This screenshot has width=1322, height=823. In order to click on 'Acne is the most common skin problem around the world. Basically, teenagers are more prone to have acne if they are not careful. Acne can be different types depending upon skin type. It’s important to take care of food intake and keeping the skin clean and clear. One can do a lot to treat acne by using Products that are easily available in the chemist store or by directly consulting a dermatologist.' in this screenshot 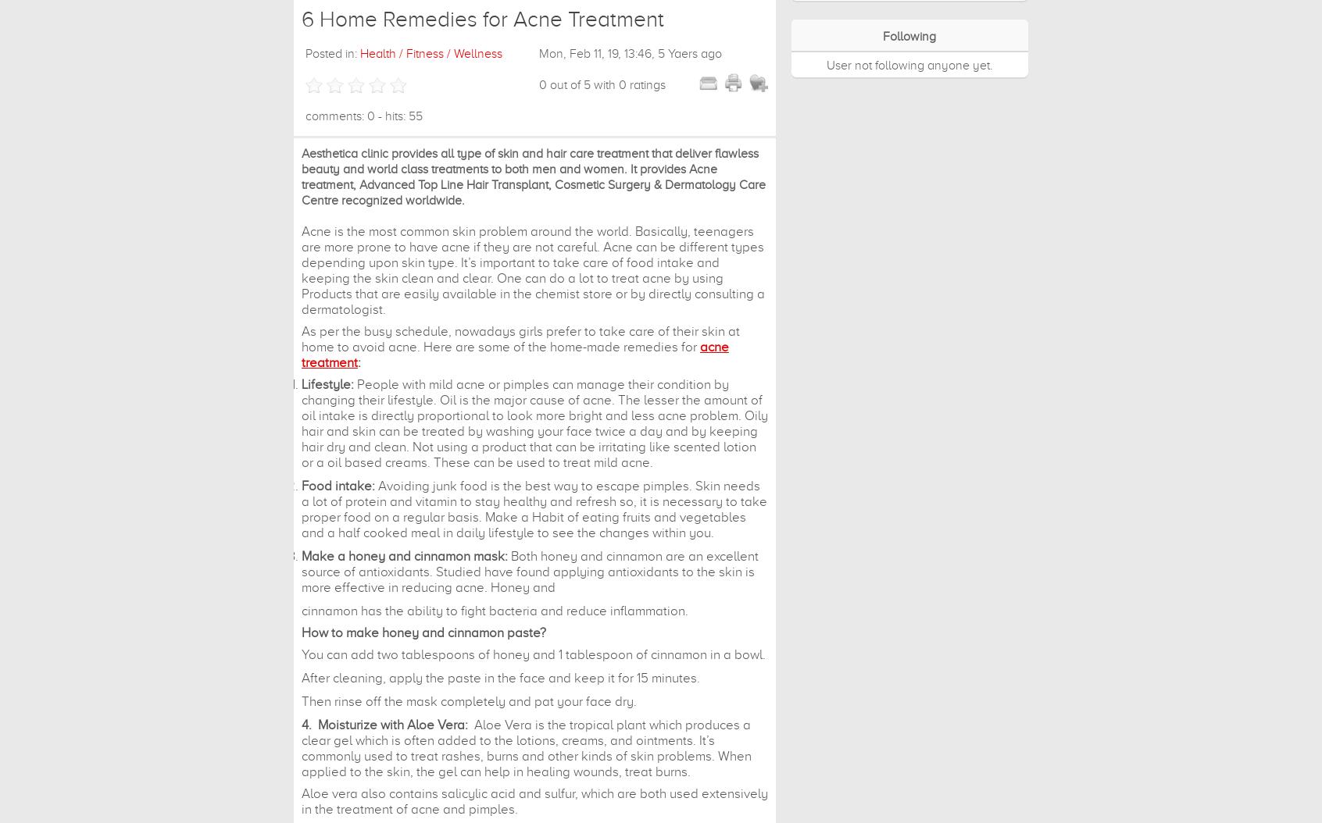, I will do `click(301, 270)`.